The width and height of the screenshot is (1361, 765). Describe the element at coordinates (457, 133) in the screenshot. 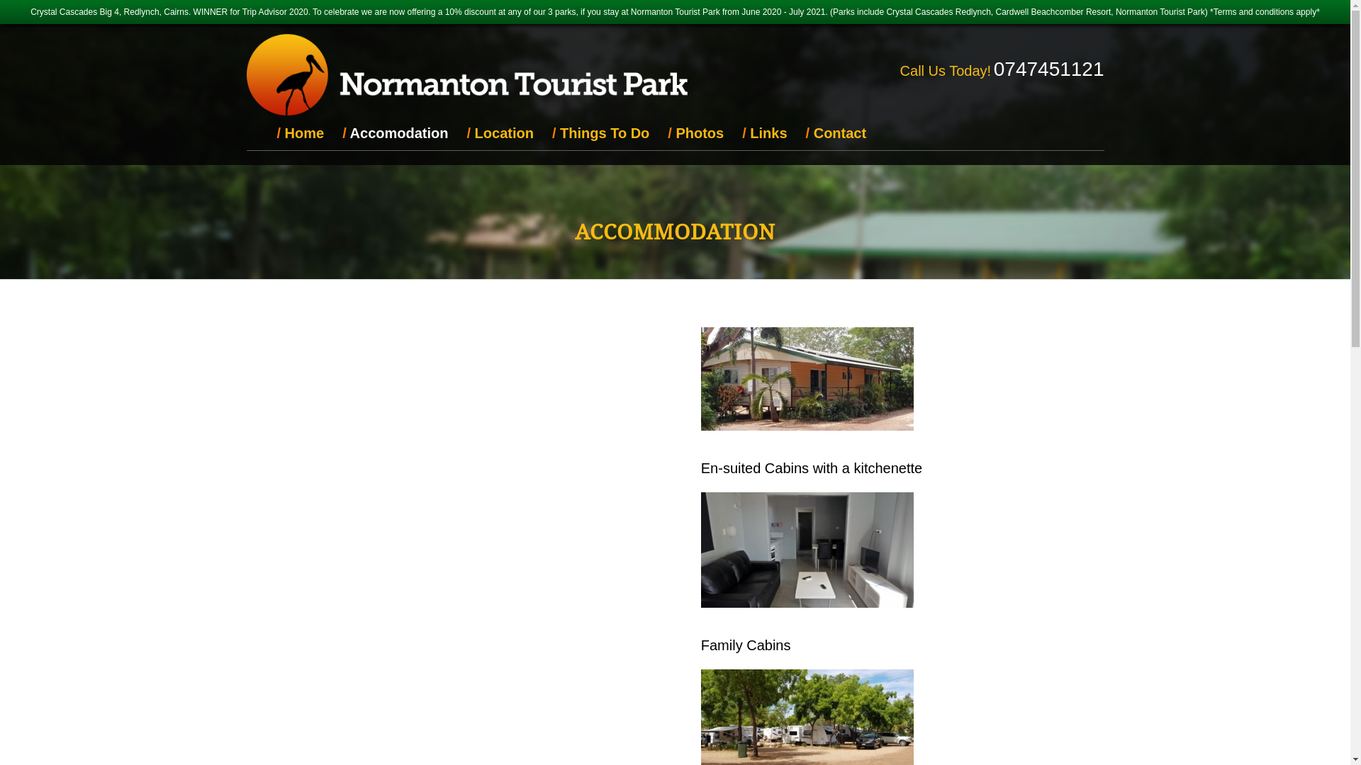

I see `'/ Location'` at that location.